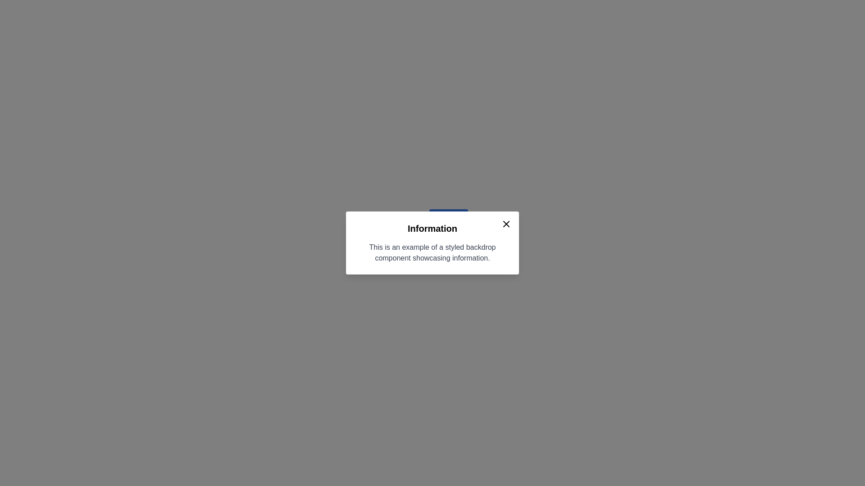 The width and height of the screenshot is (865, 486). What do you see at coordinates (506, 223) in the screenshot?
I see `the close button located in the top-right corner of the modal dialog titled 'Information'` at bounding box center [506, 223].